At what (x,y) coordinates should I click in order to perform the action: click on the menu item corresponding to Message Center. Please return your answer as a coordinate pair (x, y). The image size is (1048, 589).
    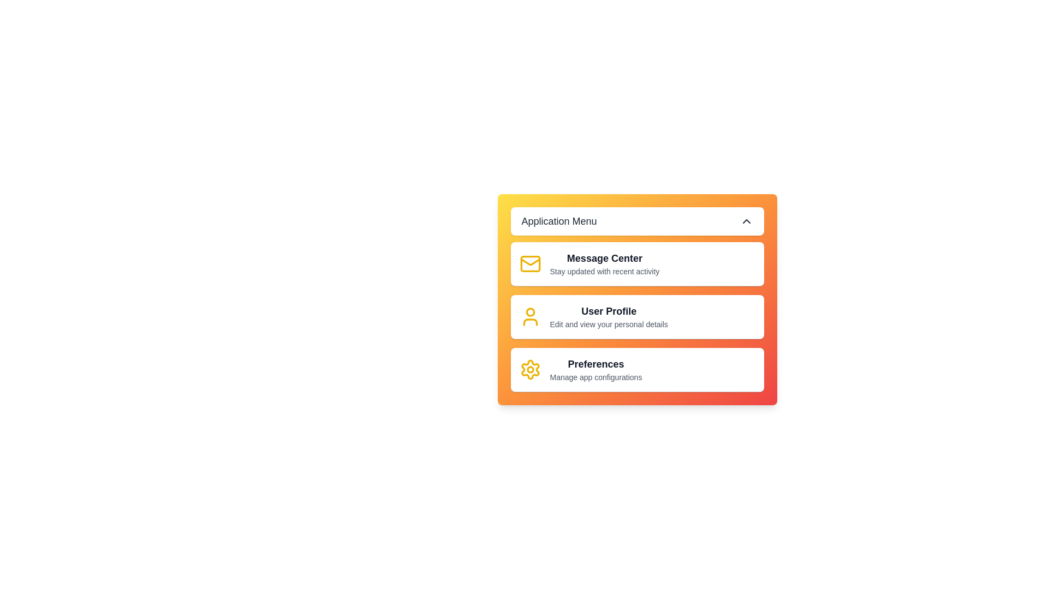
    Looking at the image, I should click on (637, 264).